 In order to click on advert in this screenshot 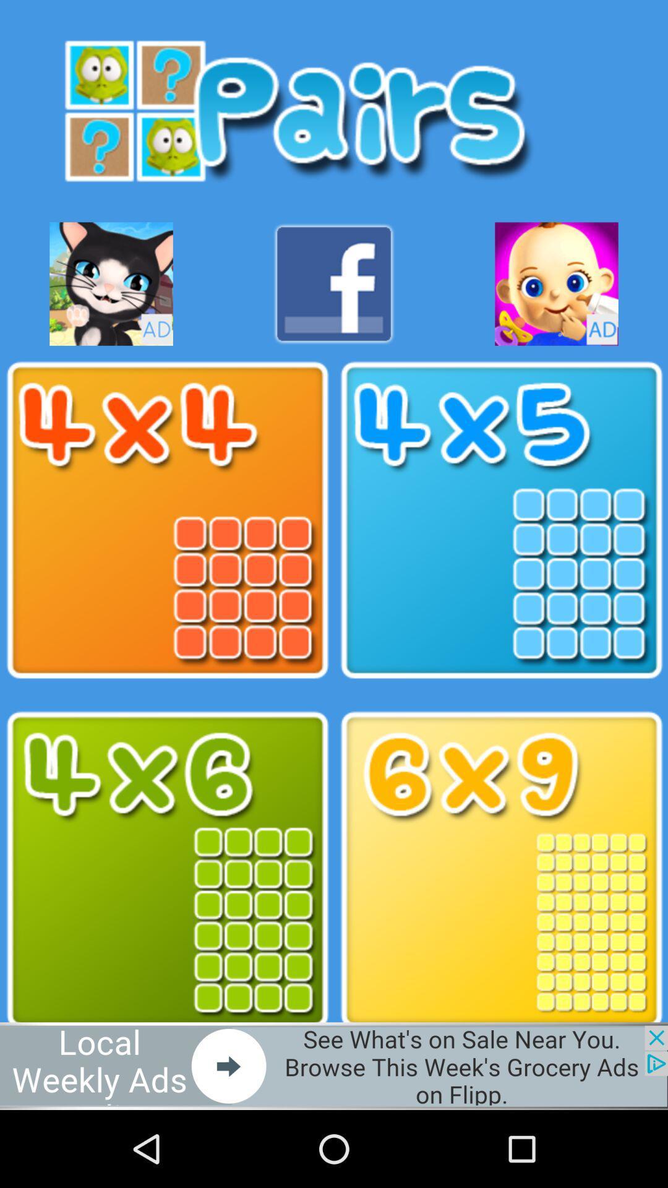, I will do `click(111, 283)`.